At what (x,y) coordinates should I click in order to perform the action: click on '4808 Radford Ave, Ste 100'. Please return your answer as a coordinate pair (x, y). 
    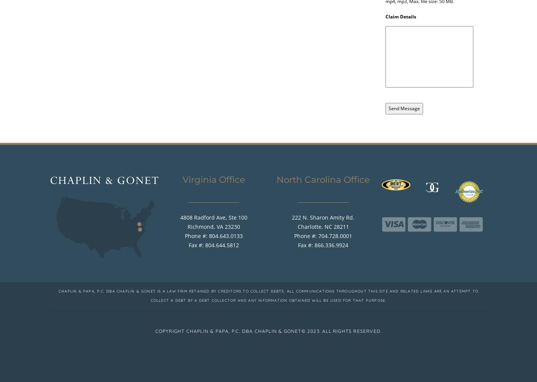
    Looking at the image, I should click on (214, 217).